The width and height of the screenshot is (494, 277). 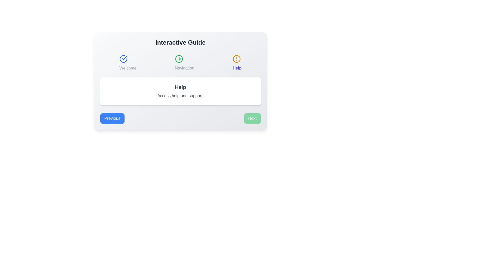 What do you see at coordinates (180, 81) in the screenshot?
I see `the Informational Card that displays 'Help' as the title and 'Access help and support.' as the subtitle, which is centrally located in the interface` at bounding box center [180, 81].